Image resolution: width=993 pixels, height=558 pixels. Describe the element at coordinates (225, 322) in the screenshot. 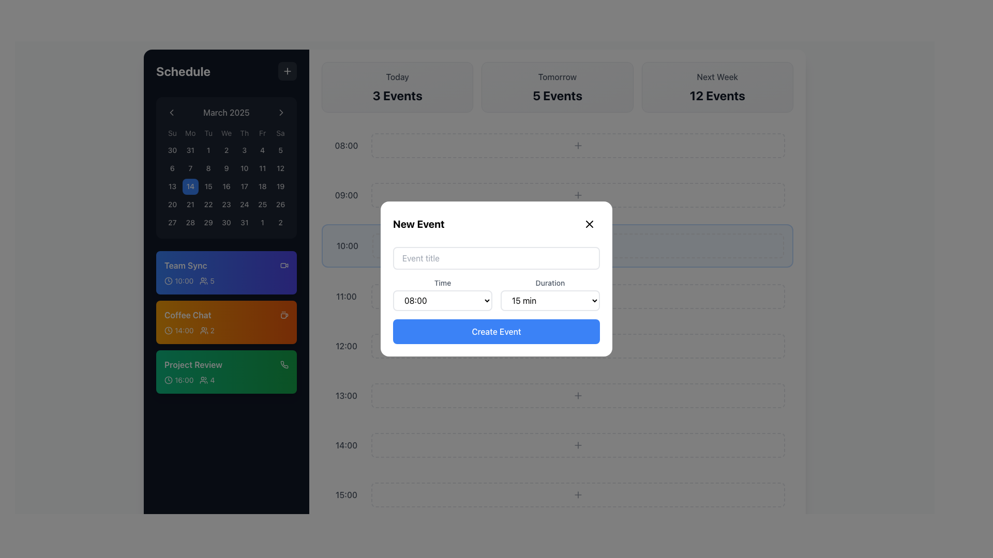

I see `the 'Coffee Chat' button located in the 'Schedule' section` at that location.